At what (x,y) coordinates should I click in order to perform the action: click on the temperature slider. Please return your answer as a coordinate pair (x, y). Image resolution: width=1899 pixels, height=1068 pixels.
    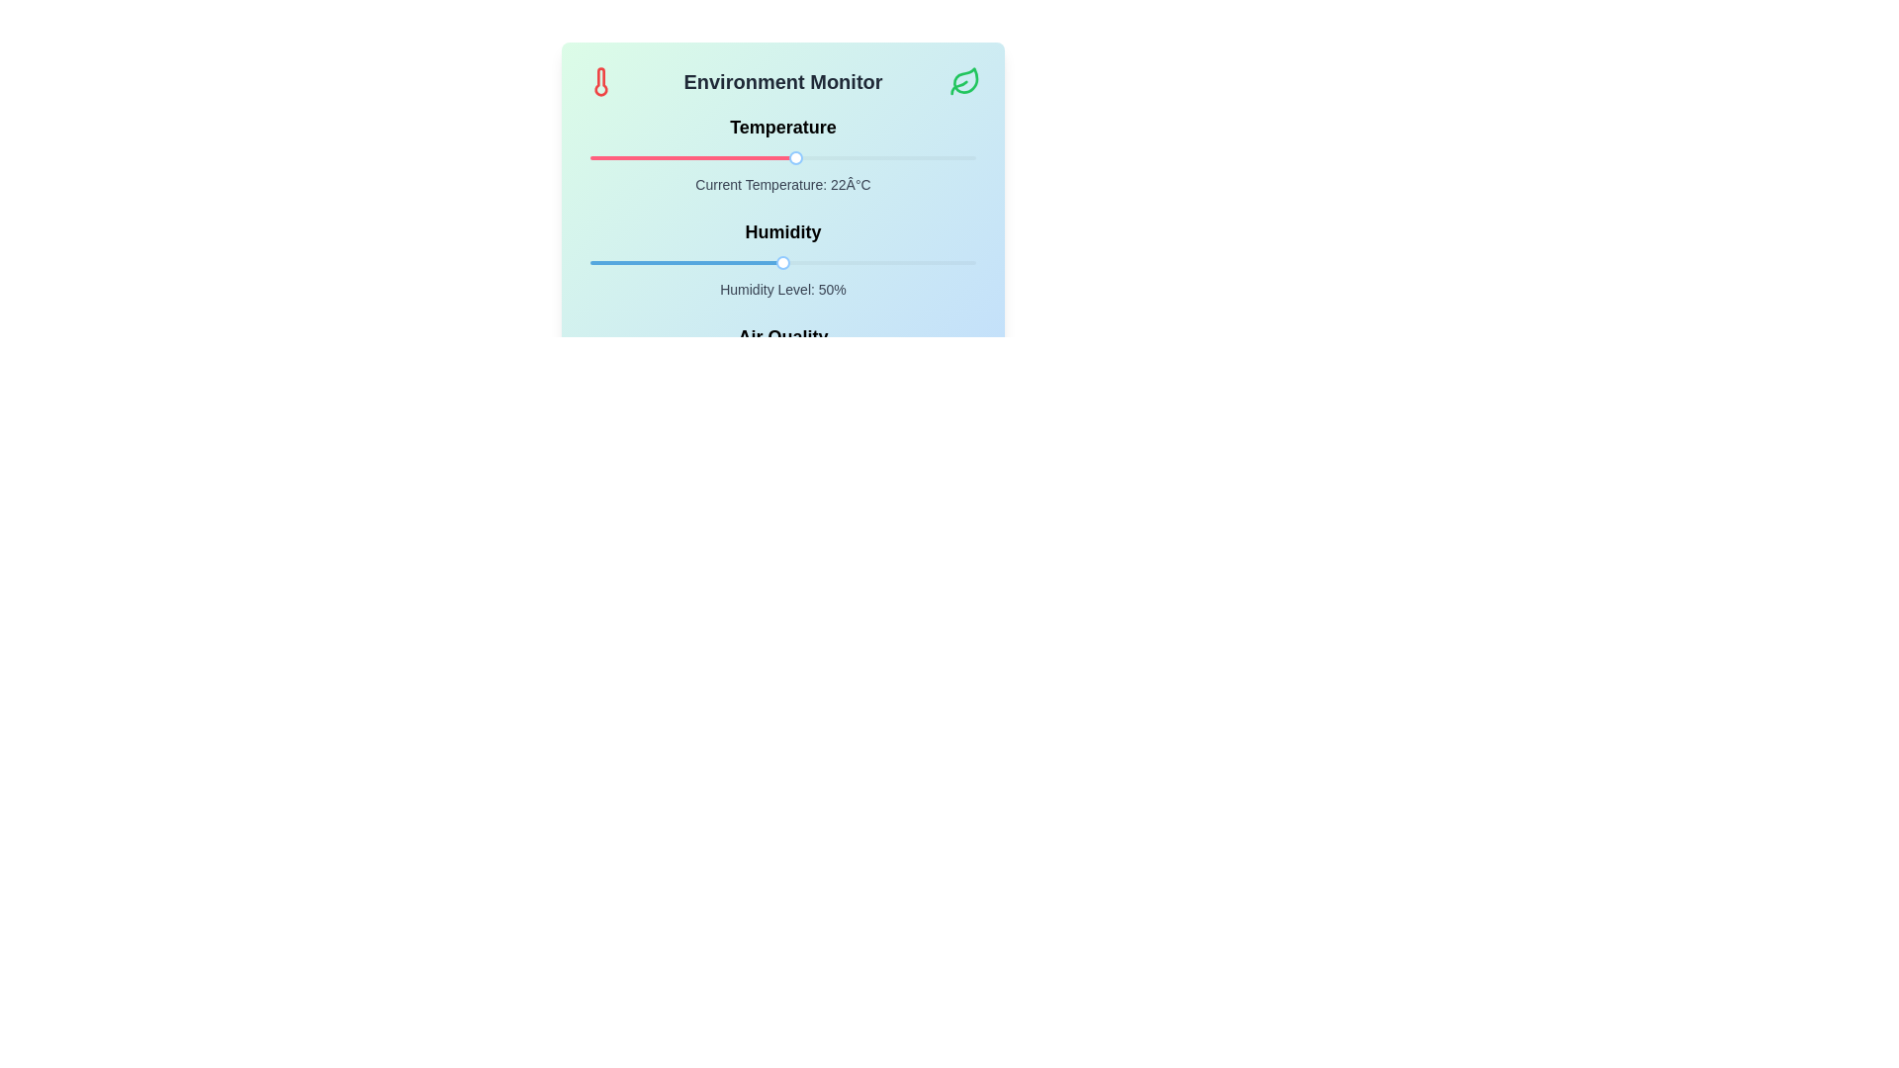
    Looking at the image, I should click on (720, 156).